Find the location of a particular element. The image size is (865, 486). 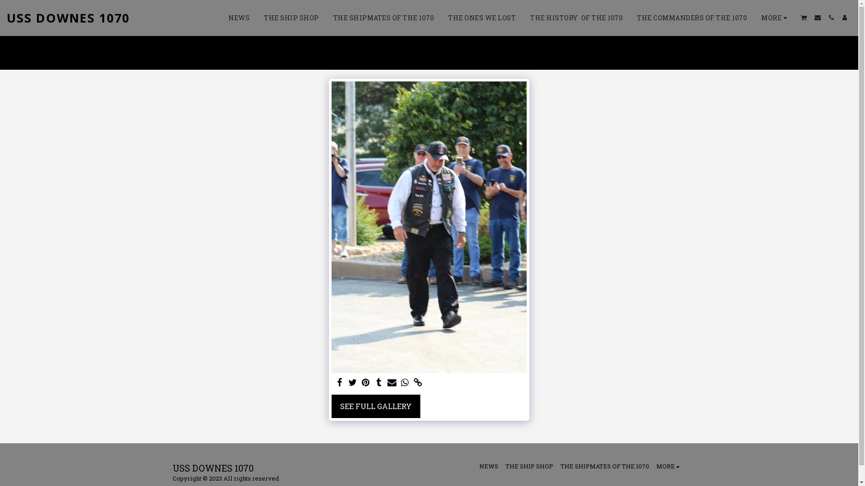

' ' is located at coordinates (417, 383).